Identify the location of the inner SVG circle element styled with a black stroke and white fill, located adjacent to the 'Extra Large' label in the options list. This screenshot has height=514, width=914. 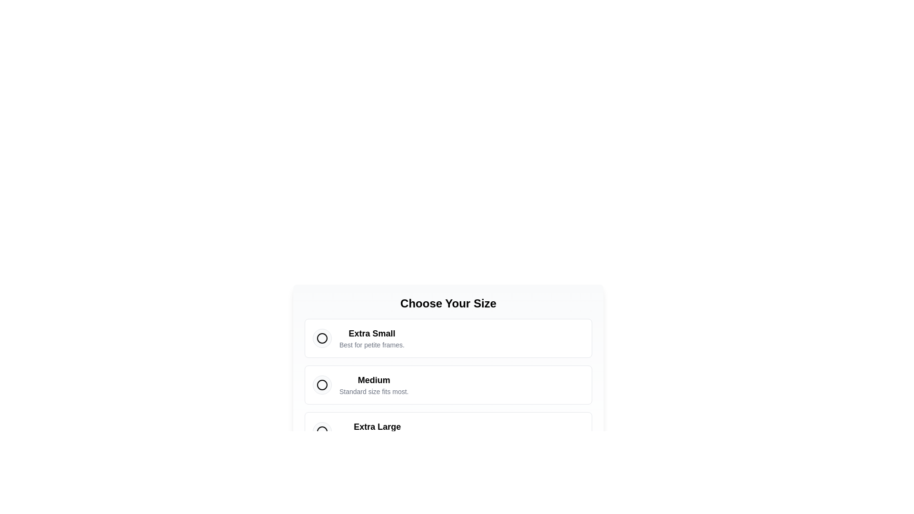
(322, 431).